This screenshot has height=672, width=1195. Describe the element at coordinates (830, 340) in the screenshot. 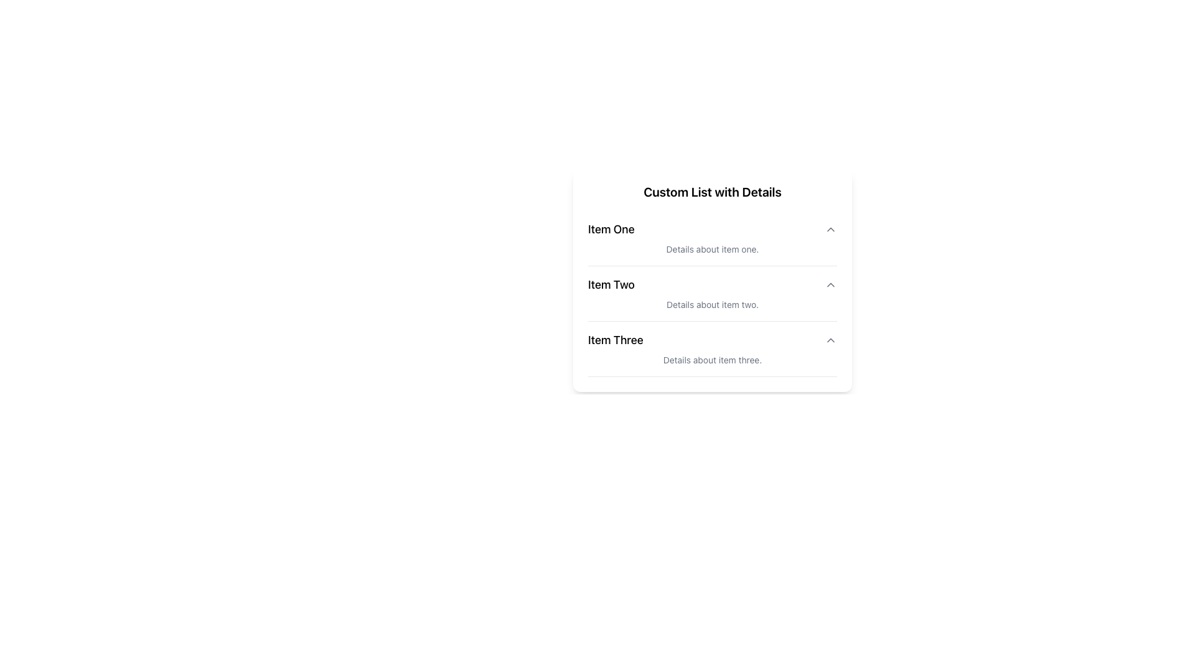

I see `the chevron icon on the right side of 'Item Three' in the third row of the 'Custom List with Details'` at that location.